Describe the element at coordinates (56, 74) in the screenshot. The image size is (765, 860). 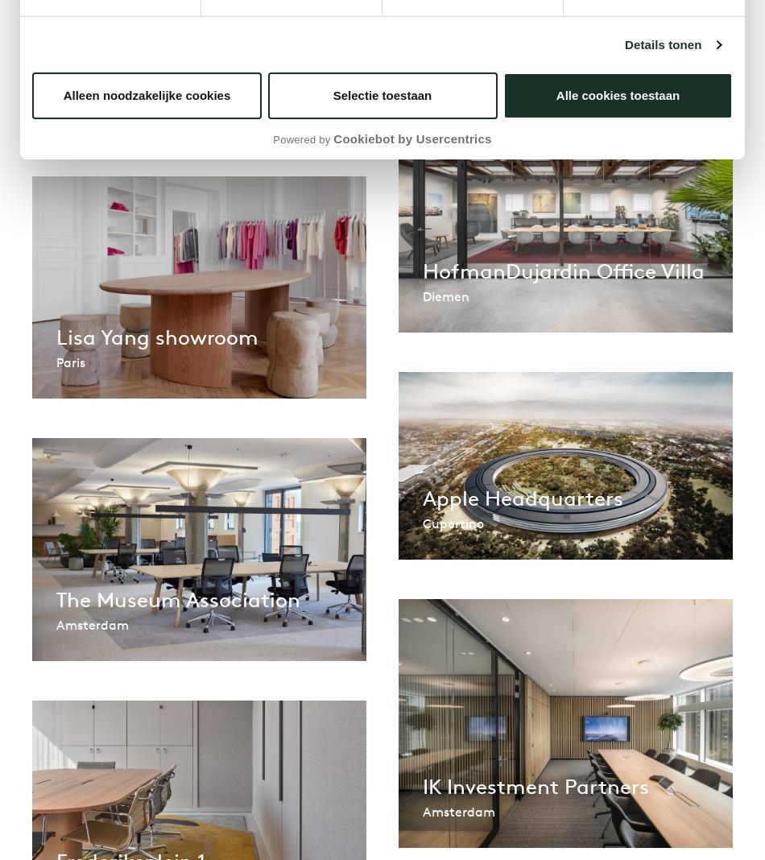
I see `'VMRE | Buro Modern'` at that location.